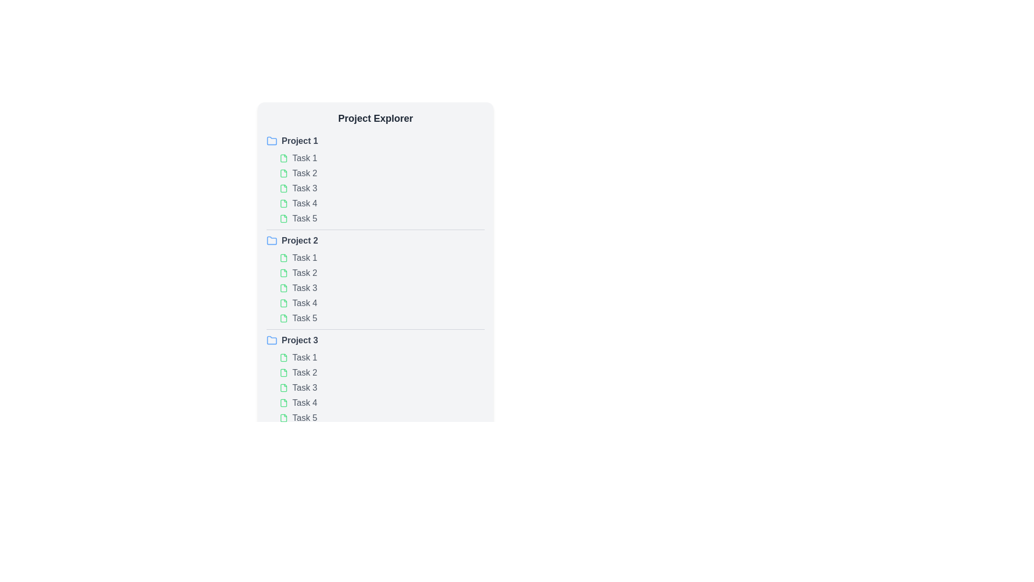 This screenshot has width=1034, height=582. Describe the element at coordinates (284, 272) in the screenshot. I see `the decorative SVG file icon representing 'Task 2', located to the immediate left of the text in the list under 'Project 2'` at that location.